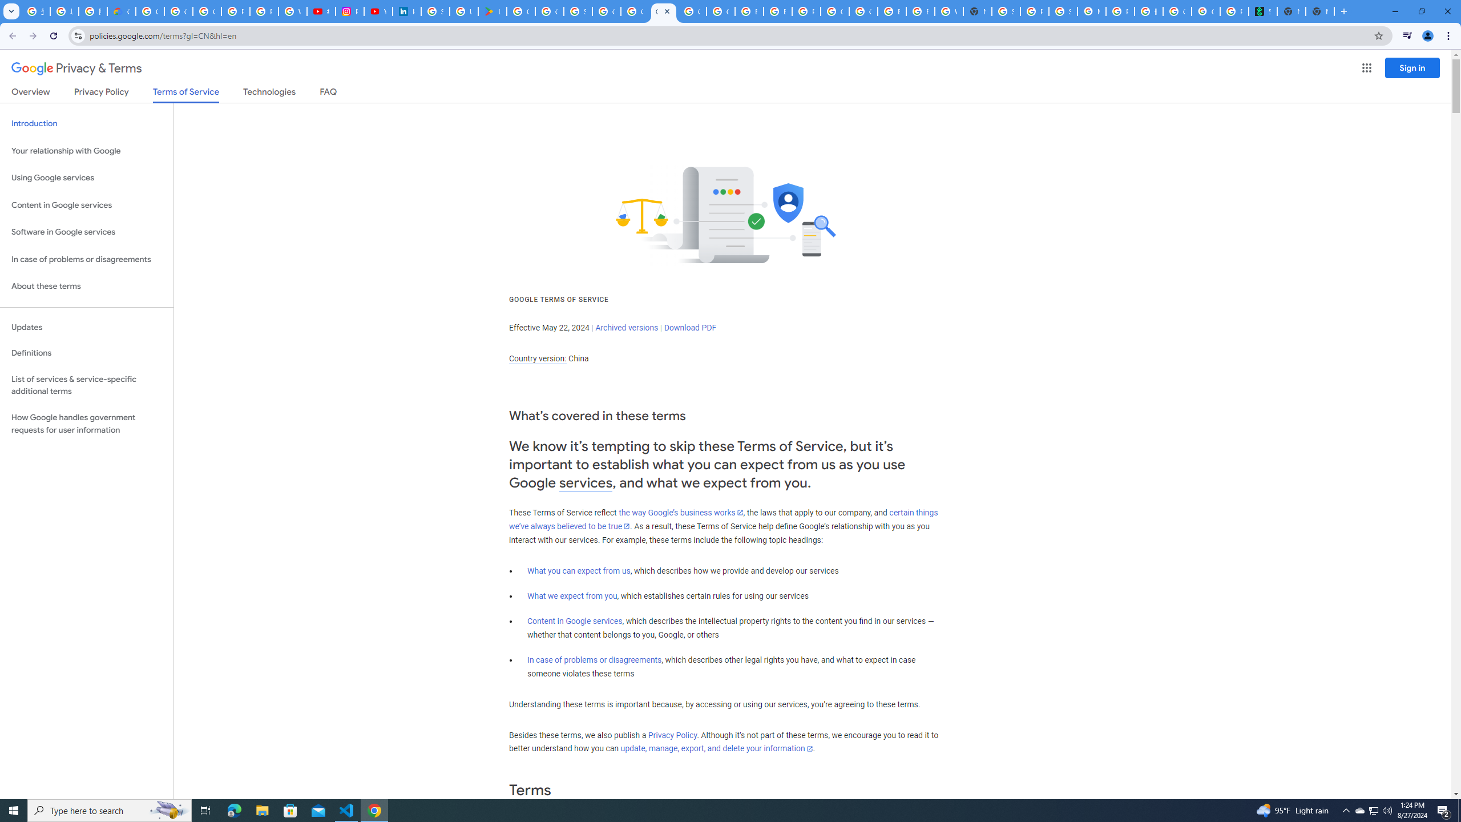 The width and height of the screenshot is (1461, 822). What do you see at coordinates (1319, 11) in the screenshot?
I see `'New Tab'` at bounding box center [1319, 11].